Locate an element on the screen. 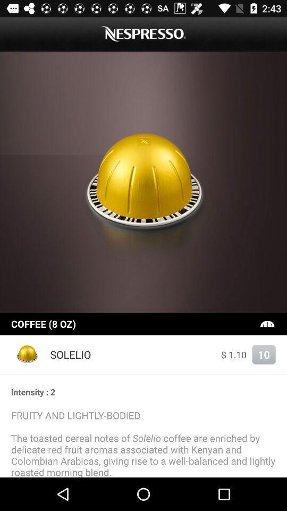 The height and width of the screenshot is (511, 287). fruity and lightly icon is located at coordinates (143, 443).